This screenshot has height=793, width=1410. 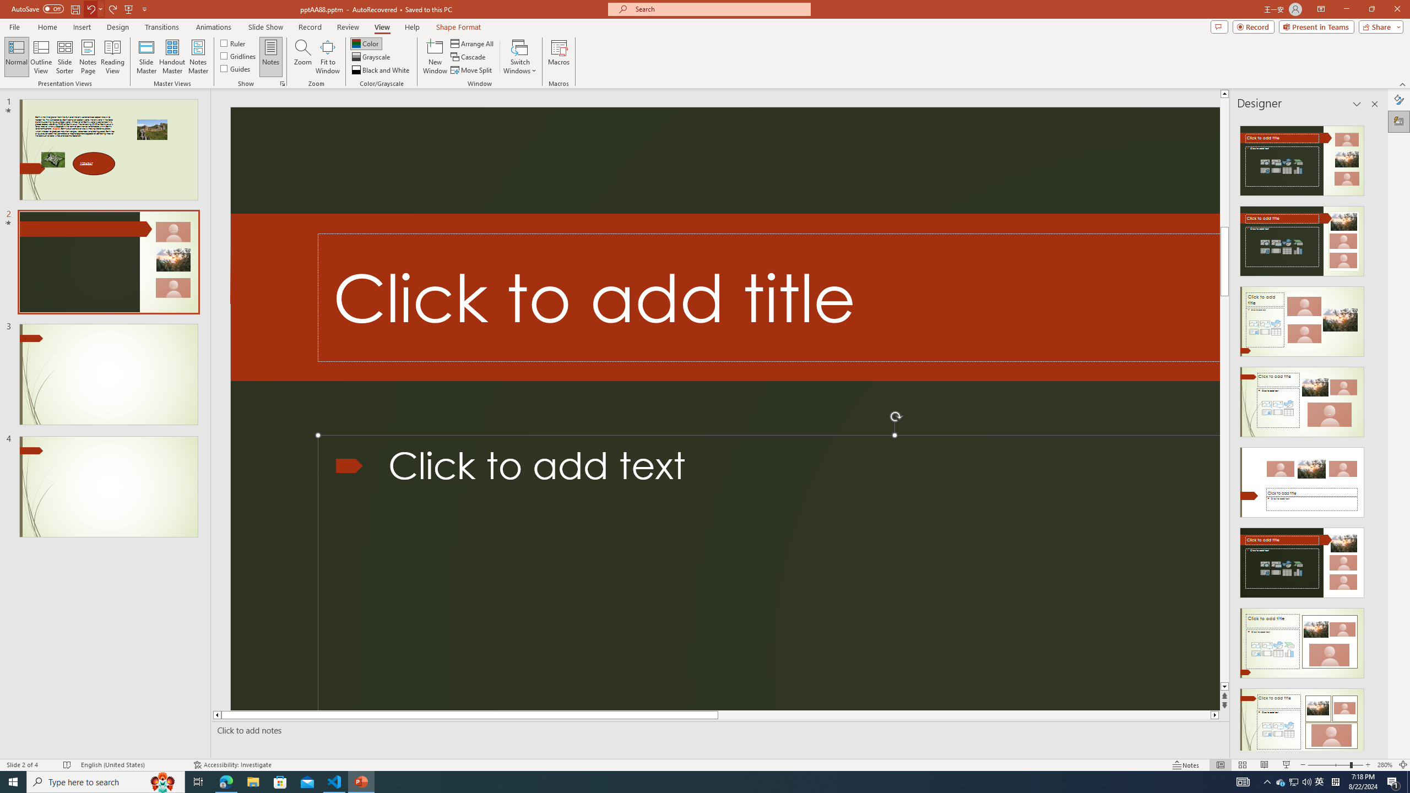 What do you see at coordinates (328, 57) in the screenshot?
I see `'Fit to Window'` at bounding box center [328, 57].